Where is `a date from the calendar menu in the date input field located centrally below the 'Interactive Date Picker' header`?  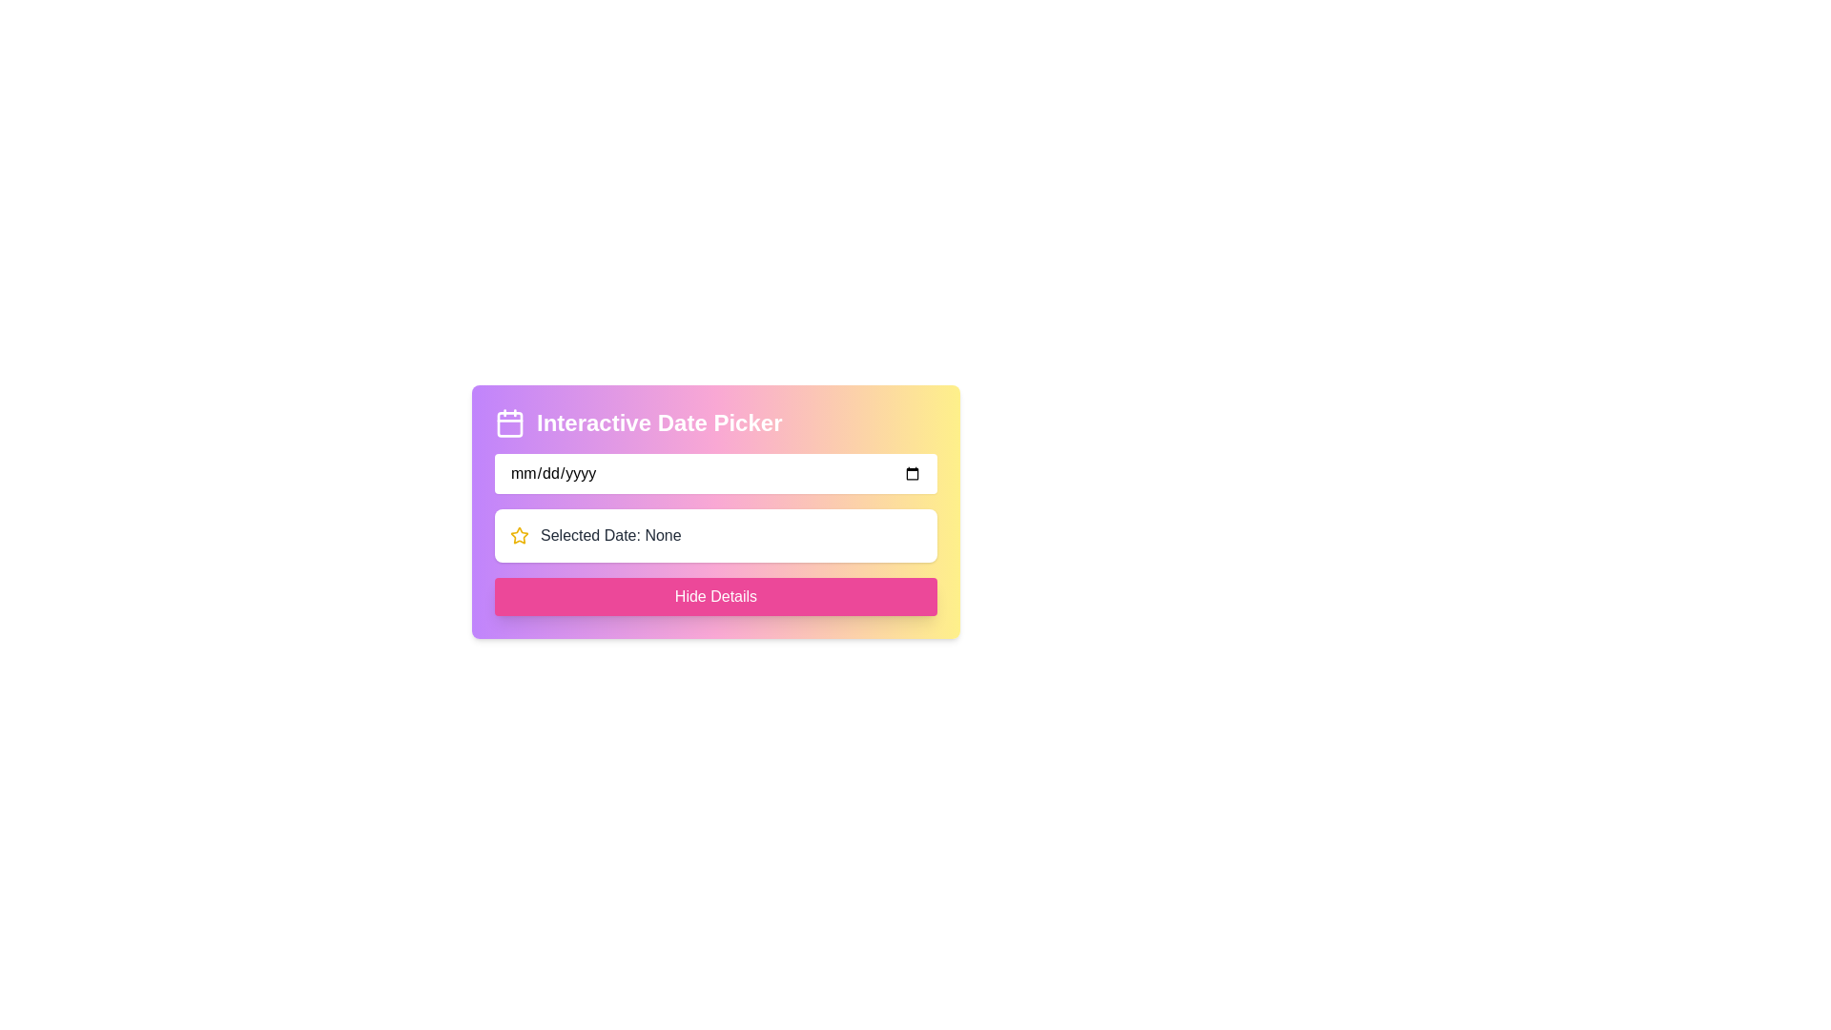
a date from the calendar menu in the date input field located centrally below the 'Interactive Date Picker' header is located at coordinates (714, 473).